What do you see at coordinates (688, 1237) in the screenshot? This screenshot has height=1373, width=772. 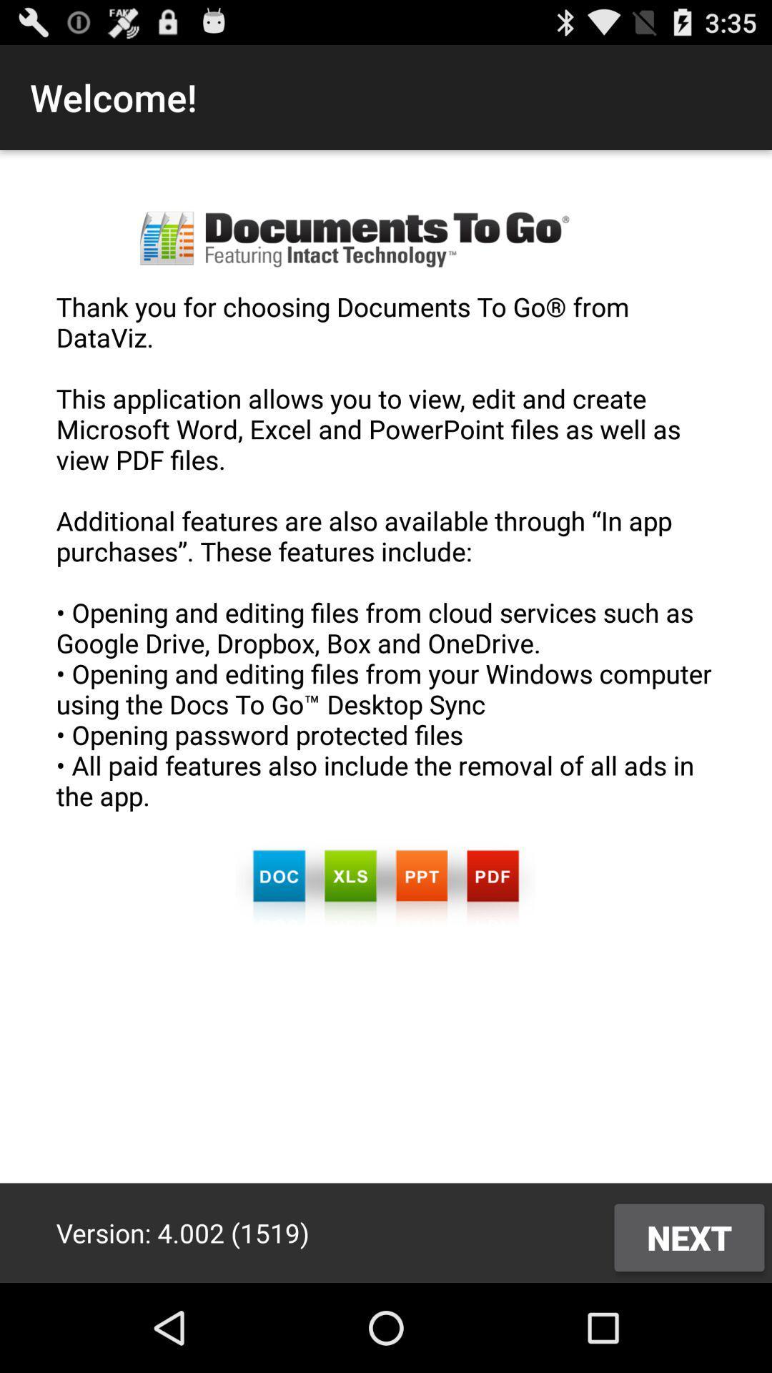 I see `the item next to version 4 002 app` at bounding box center [688, 1237].